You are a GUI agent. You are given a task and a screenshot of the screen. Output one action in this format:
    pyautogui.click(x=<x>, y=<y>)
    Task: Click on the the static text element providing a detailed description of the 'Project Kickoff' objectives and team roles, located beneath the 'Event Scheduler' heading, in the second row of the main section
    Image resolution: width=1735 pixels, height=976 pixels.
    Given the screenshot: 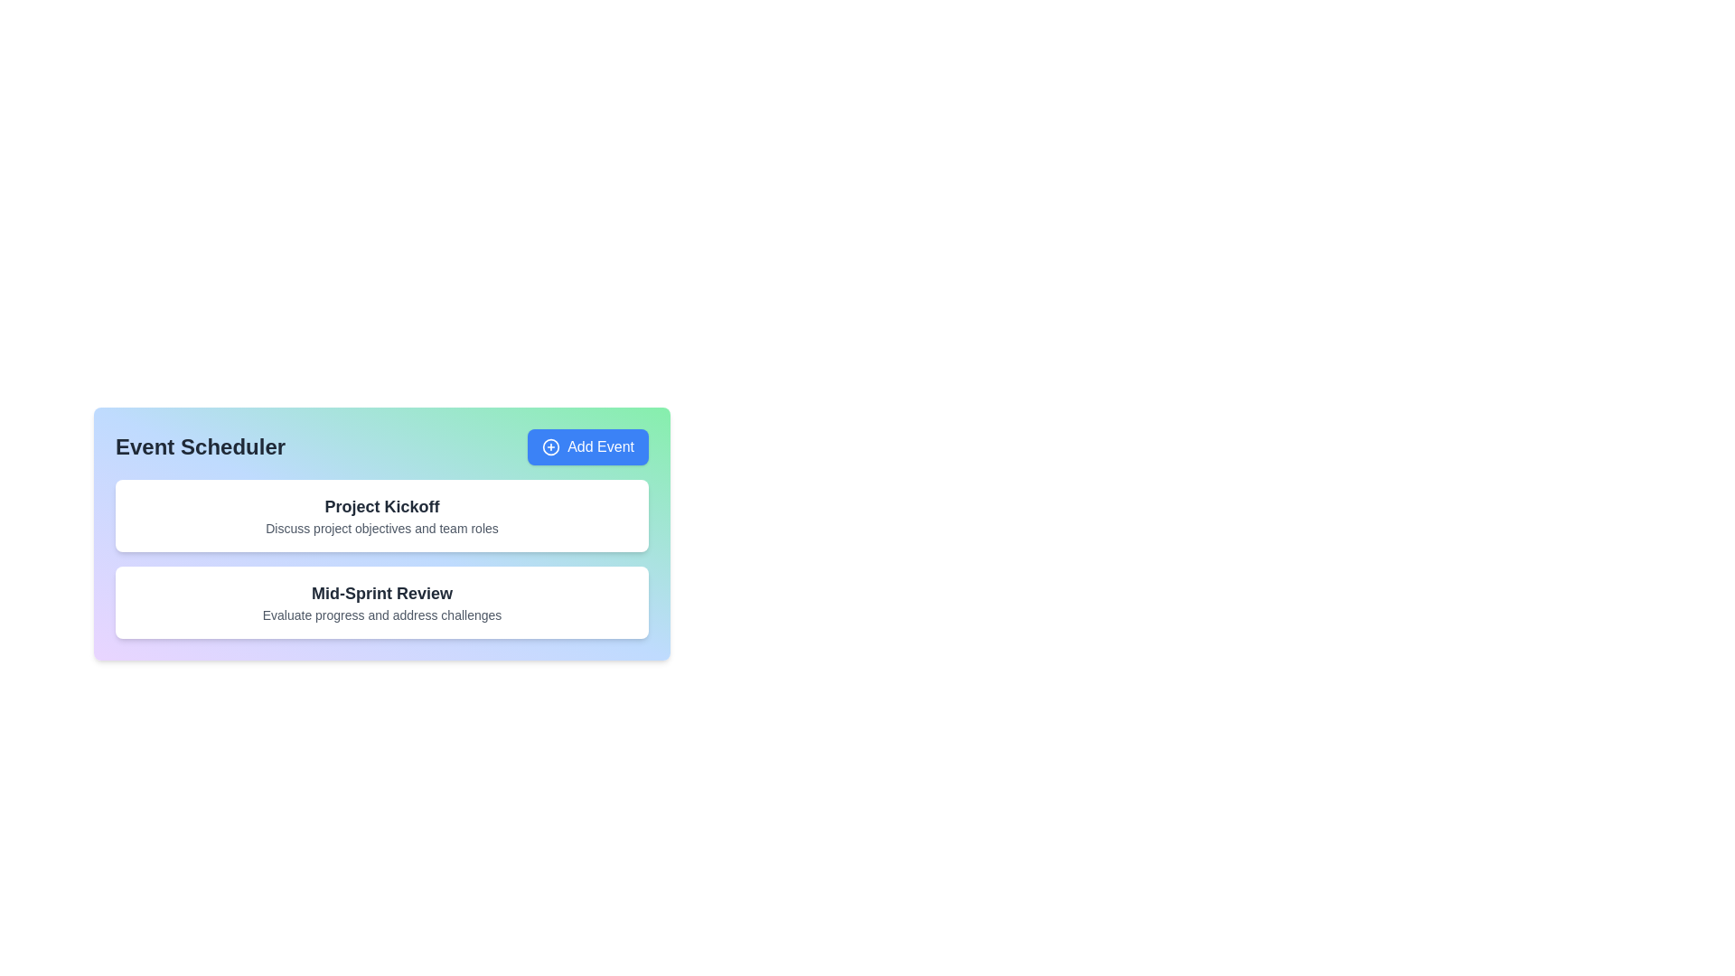 What is the action you would take?
    pyautogui.click(x=380, y=529)
    